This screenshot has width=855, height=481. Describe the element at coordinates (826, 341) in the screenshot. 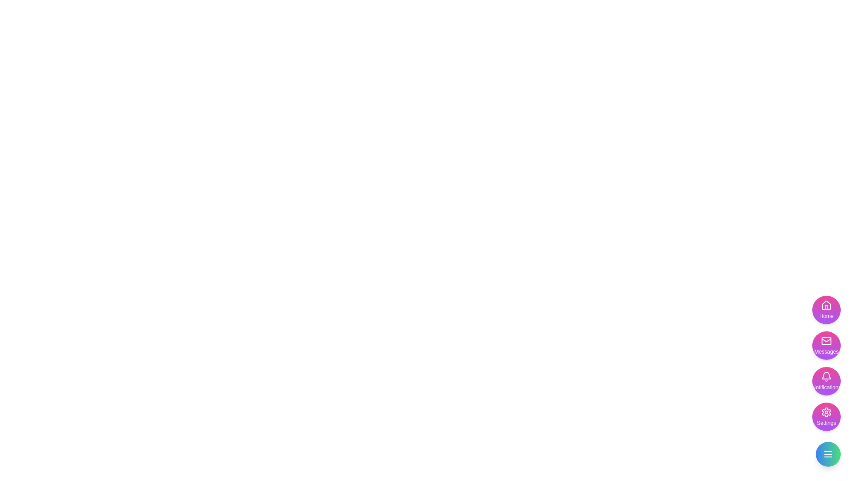

I see `the 'Messages' icon in the vertical navigation bar on the right side of the interface` at that location.